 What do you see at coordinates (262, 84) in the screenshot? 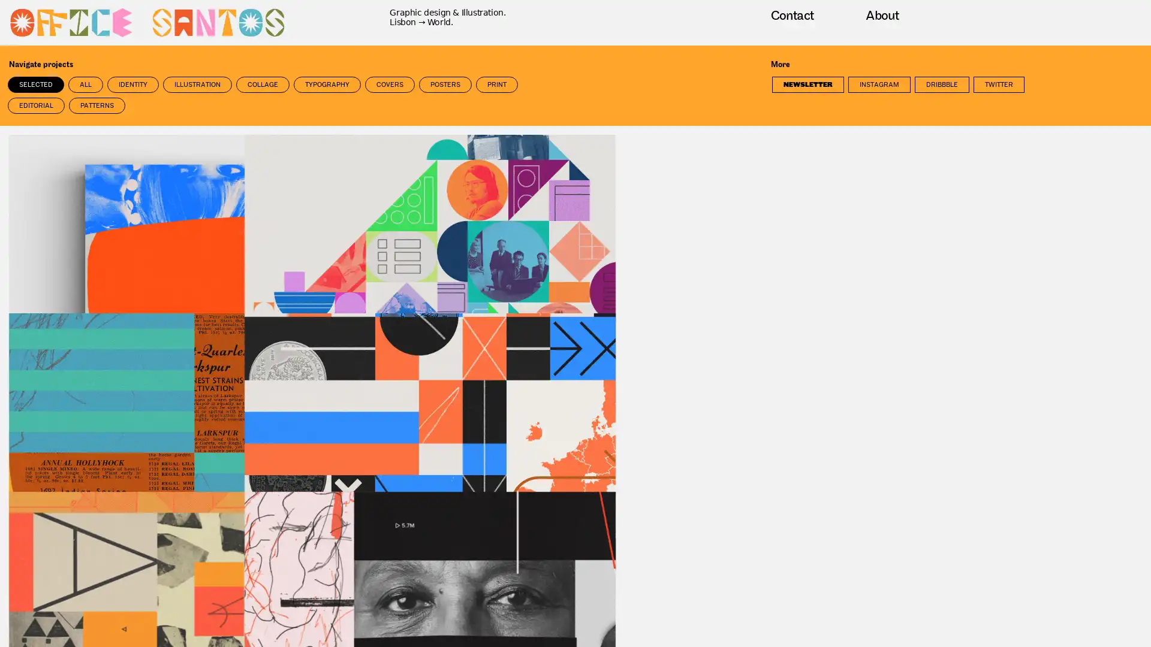
I see `COLLAGE` at bounding box center [262, 84].